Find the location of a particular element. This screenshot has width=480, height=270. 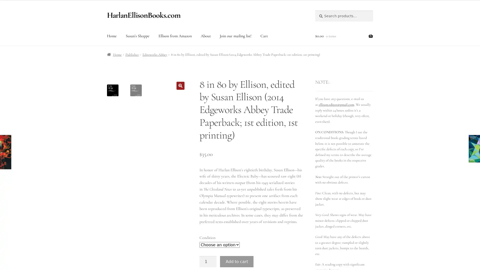

Add to cart is located at coordinates (236, 261).